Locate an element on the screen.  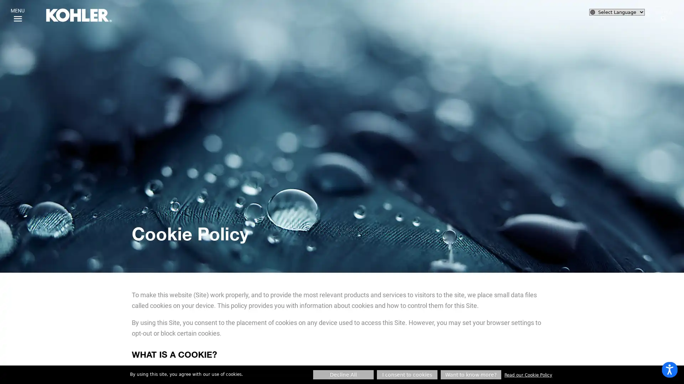
MENU is located at coordinates (17, 15).